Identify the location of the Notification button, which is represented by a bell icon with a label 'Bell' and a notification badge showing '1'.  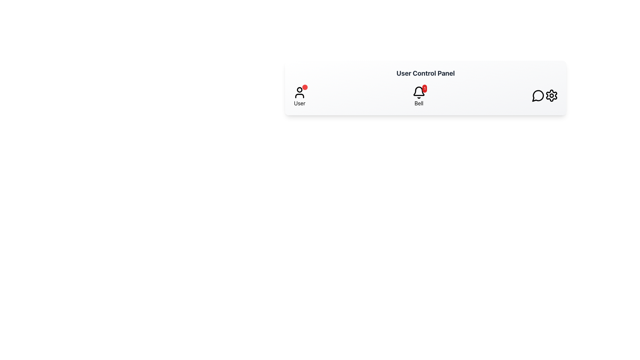
(419, 96).